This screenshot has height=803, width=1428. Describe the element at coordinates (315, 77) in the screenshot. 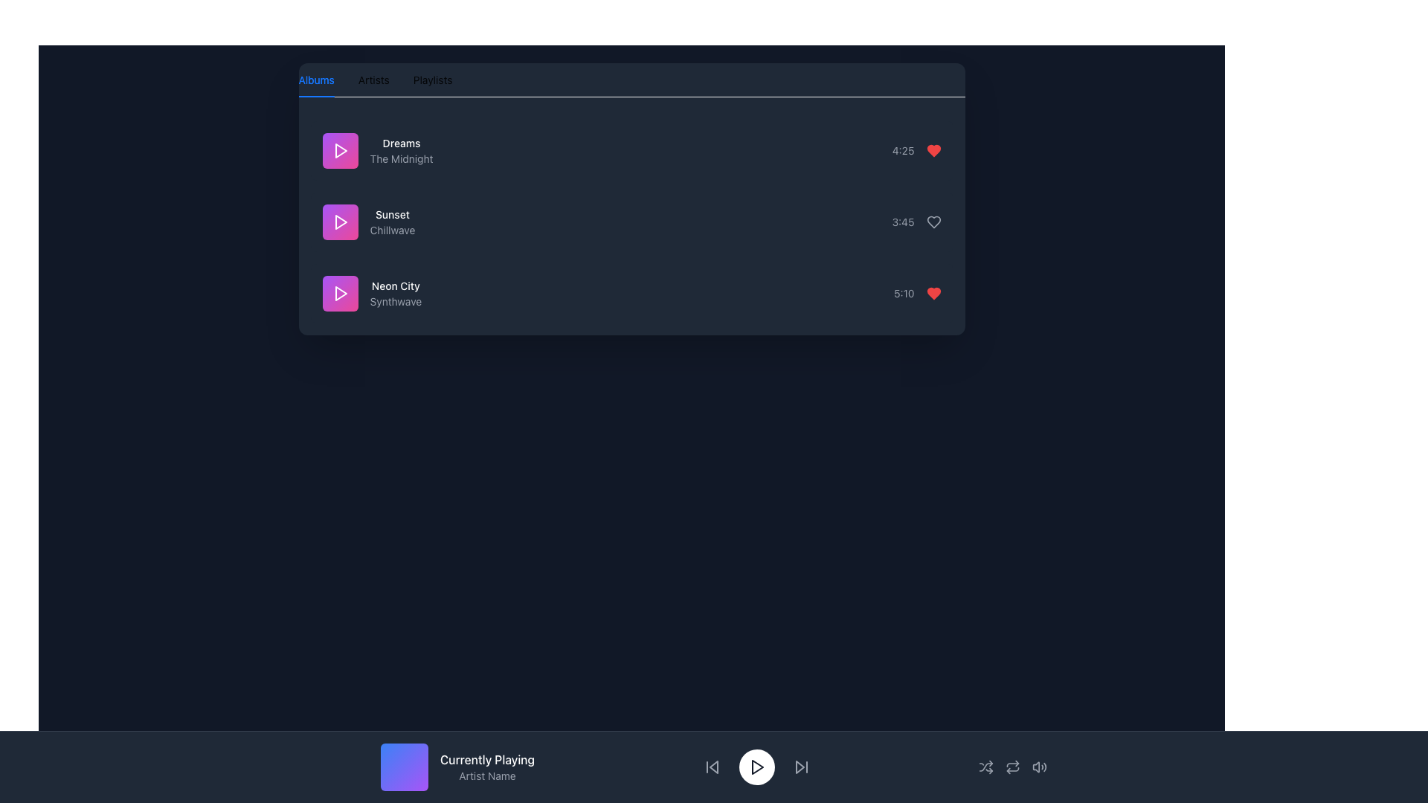

I see `the 'Albums' tab in the Tab Navigation Item` at that location.